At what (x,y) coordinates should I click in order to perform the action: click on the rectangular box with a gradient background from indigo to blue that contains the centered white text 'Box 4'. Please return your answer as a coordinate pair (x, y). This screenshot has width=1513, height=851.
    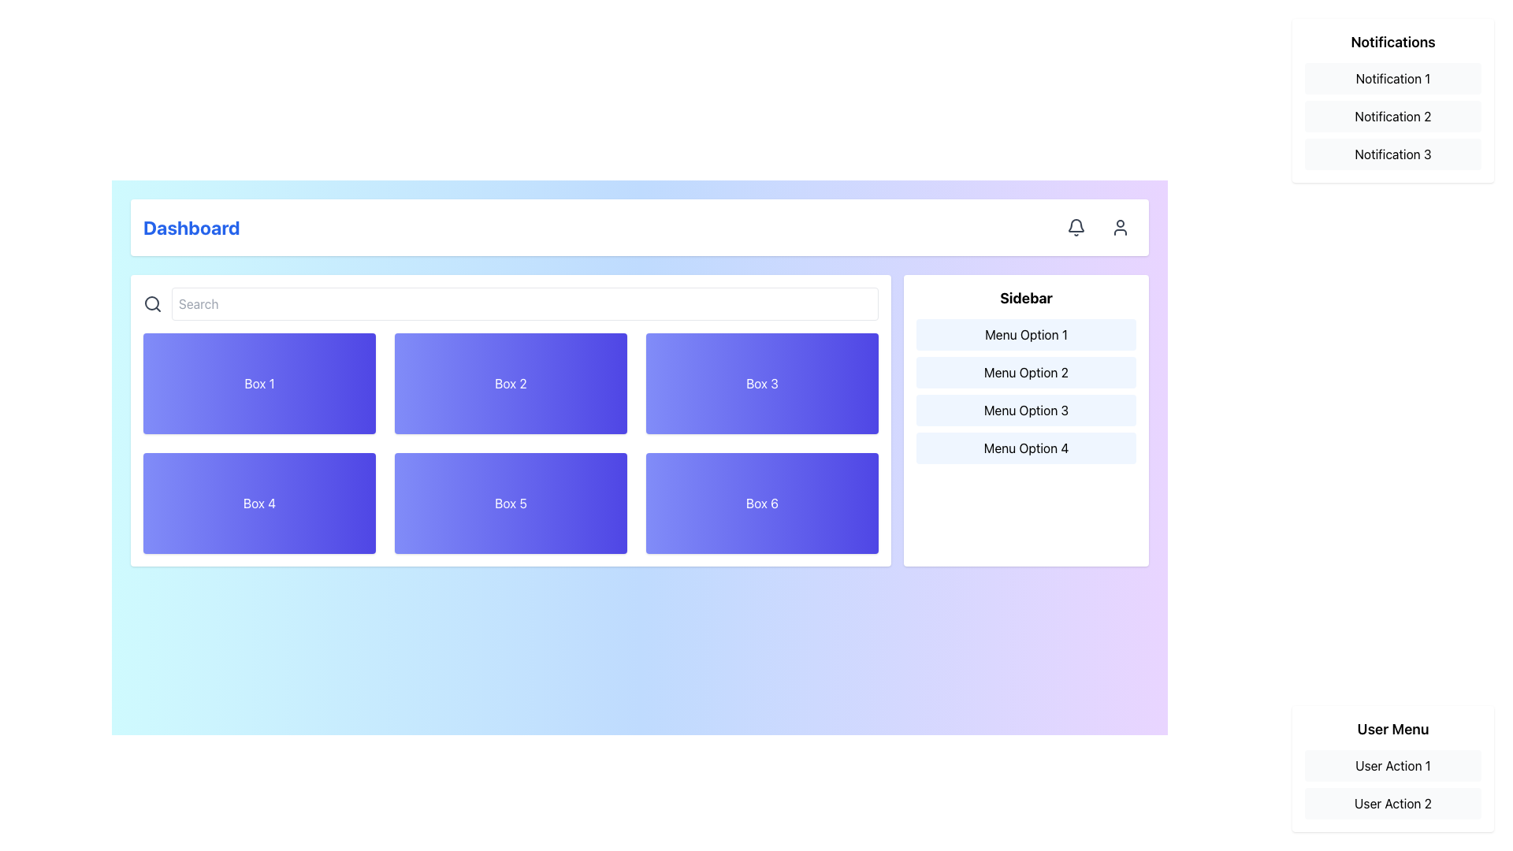
    Looking at the image, I should click on (259, 504).